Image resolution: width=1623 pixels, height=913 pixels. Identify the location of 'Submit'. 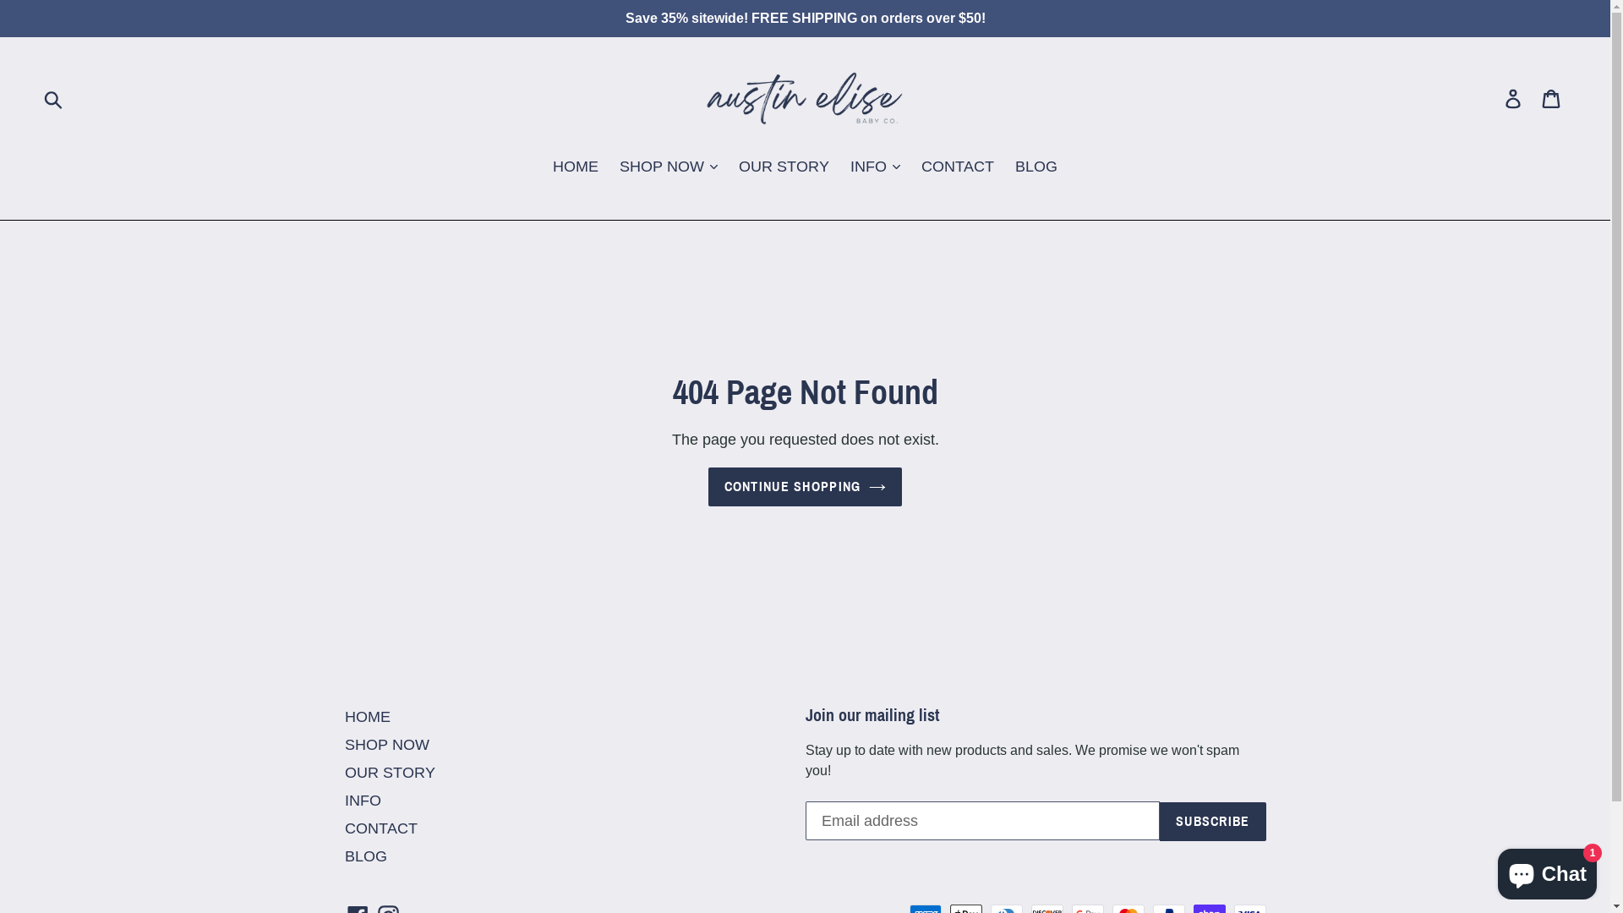
(54, 97).